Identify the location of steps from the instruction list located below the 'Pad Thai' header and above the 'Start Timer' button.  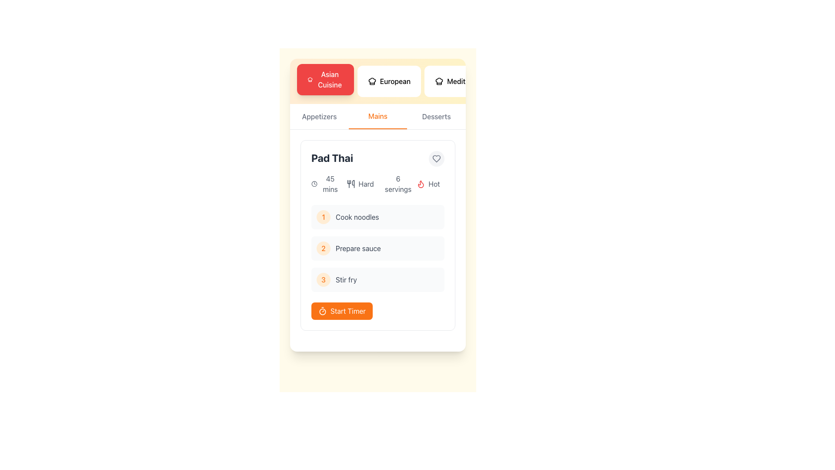
(377, 248).